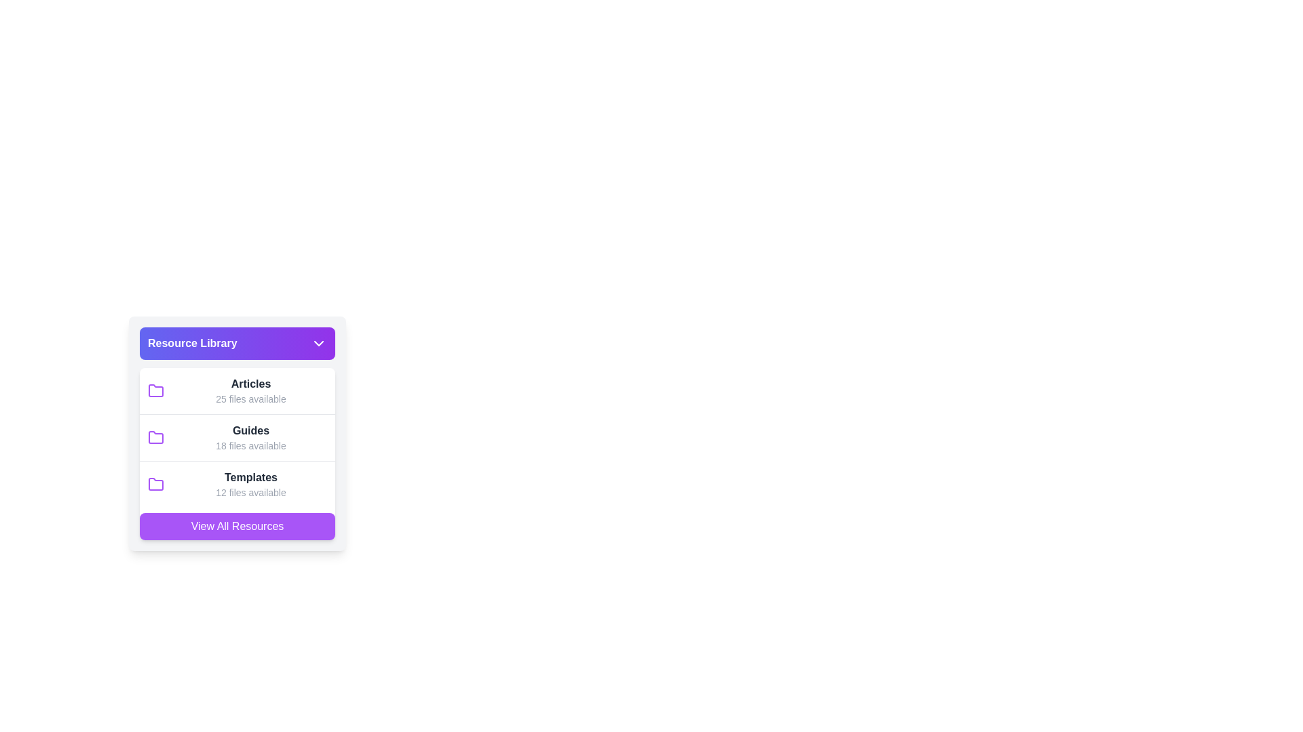  Describe the element at coordinates (250, 477) in the screenshot. I see `the 'Templates' text label, which is styled in bold and dark gray, located within the 'Resource Library' menu` at that location.